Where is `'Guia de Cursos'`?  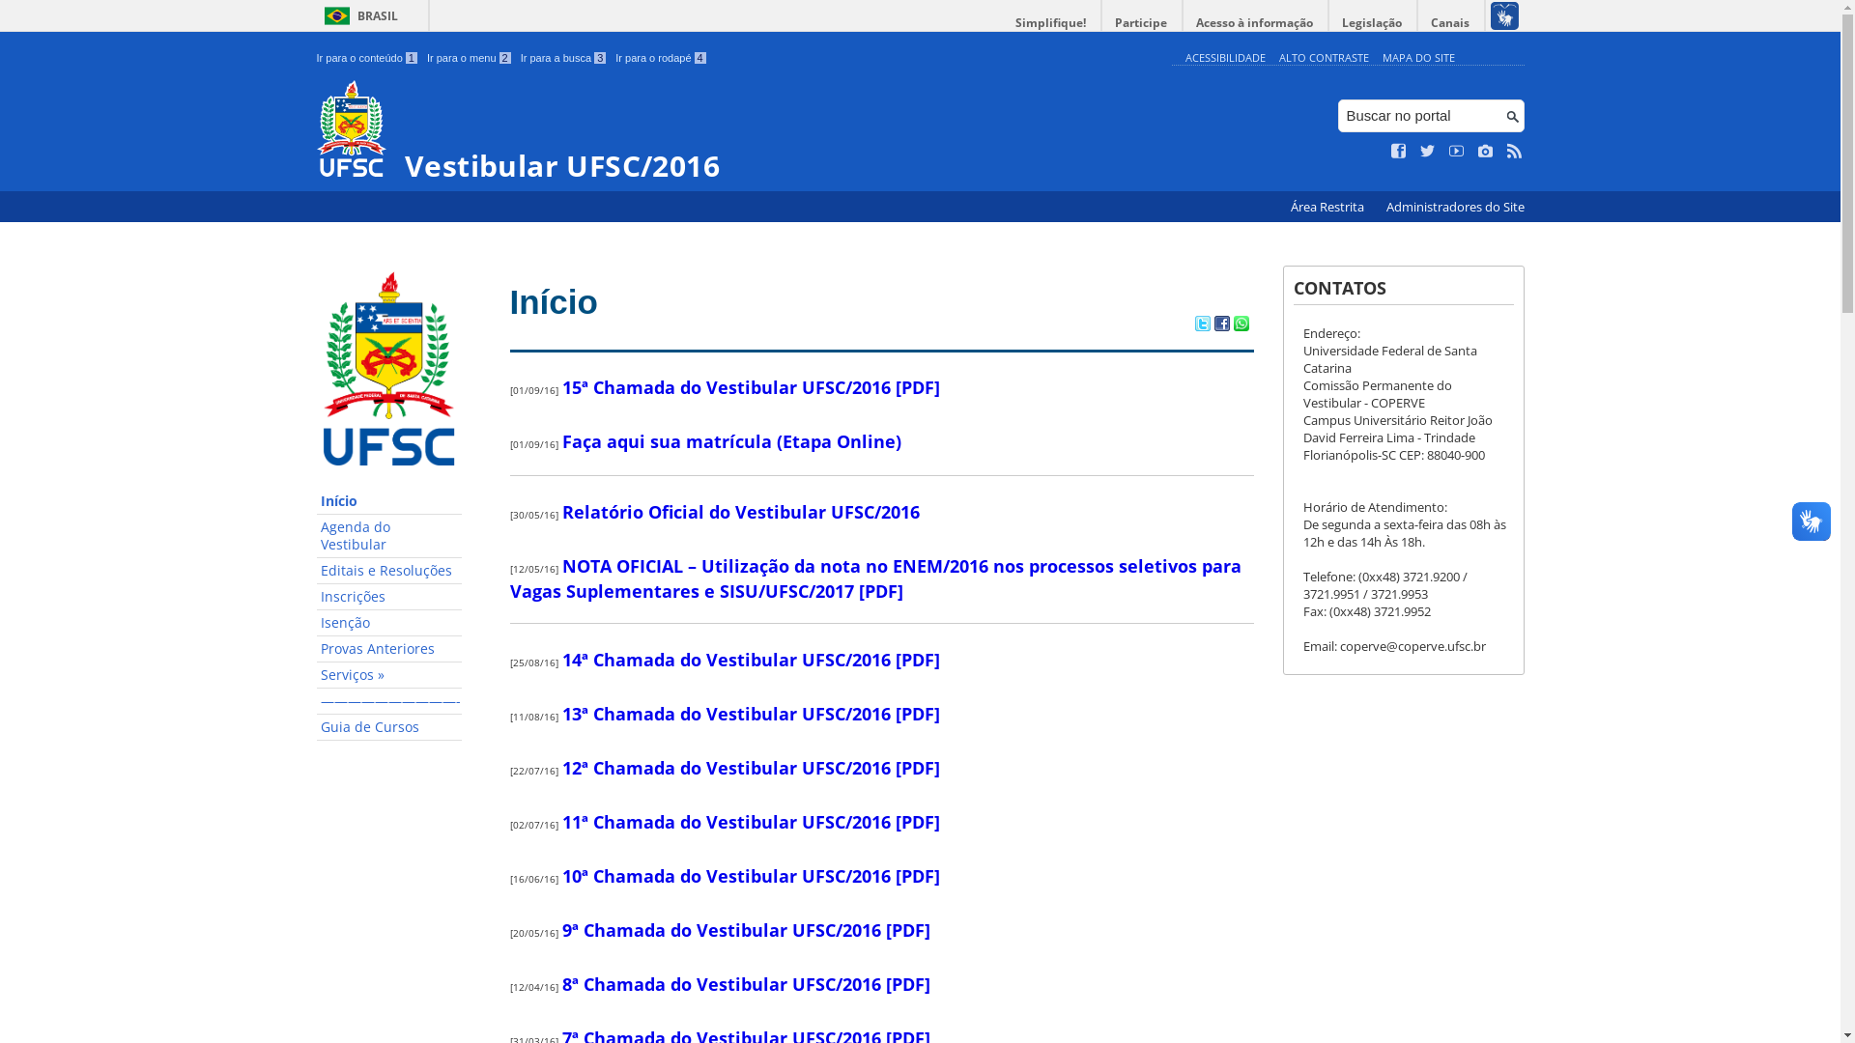
'Guia de Cursos' is located at coordinates (388, 727).